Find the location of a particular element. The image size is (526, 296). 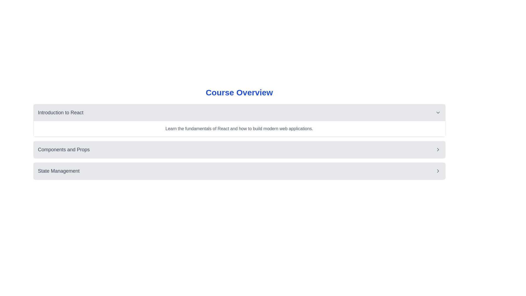

the gray chevron arrow icon located on the right side of the 'Introduction to React' section header is located at coordinates (438, 112).